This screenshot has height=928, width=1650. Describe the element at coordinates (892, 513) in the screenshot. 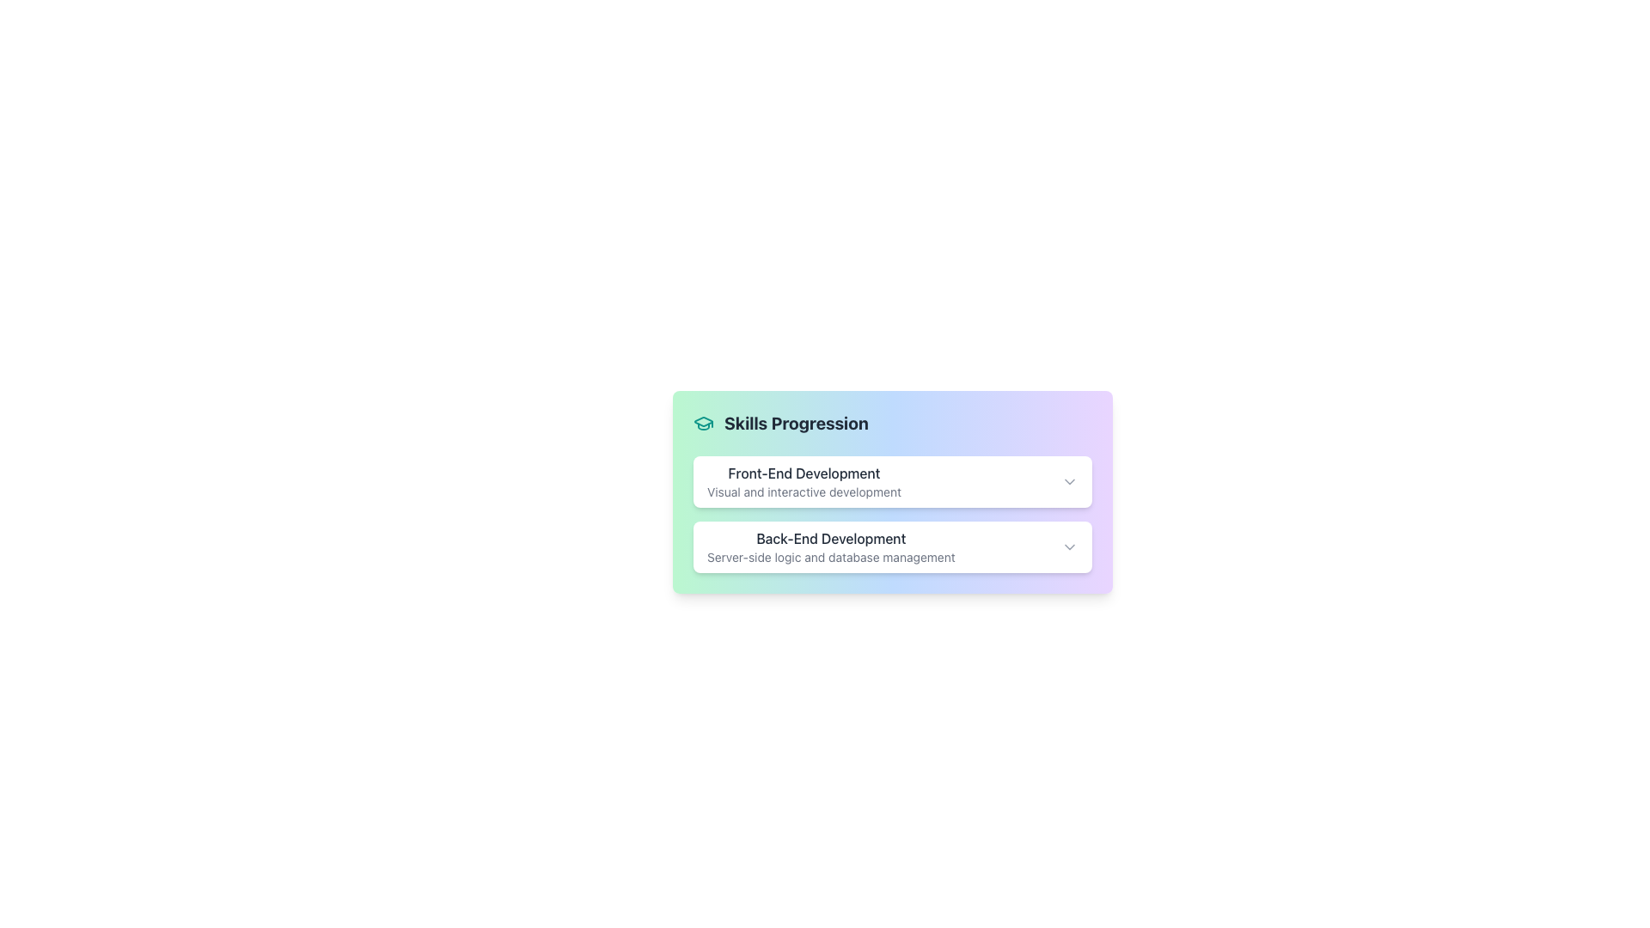

I see `textual content of the second Collapsible List Item in the 'Skills Progression' section, which describes 'Back-End Development'` at that location.